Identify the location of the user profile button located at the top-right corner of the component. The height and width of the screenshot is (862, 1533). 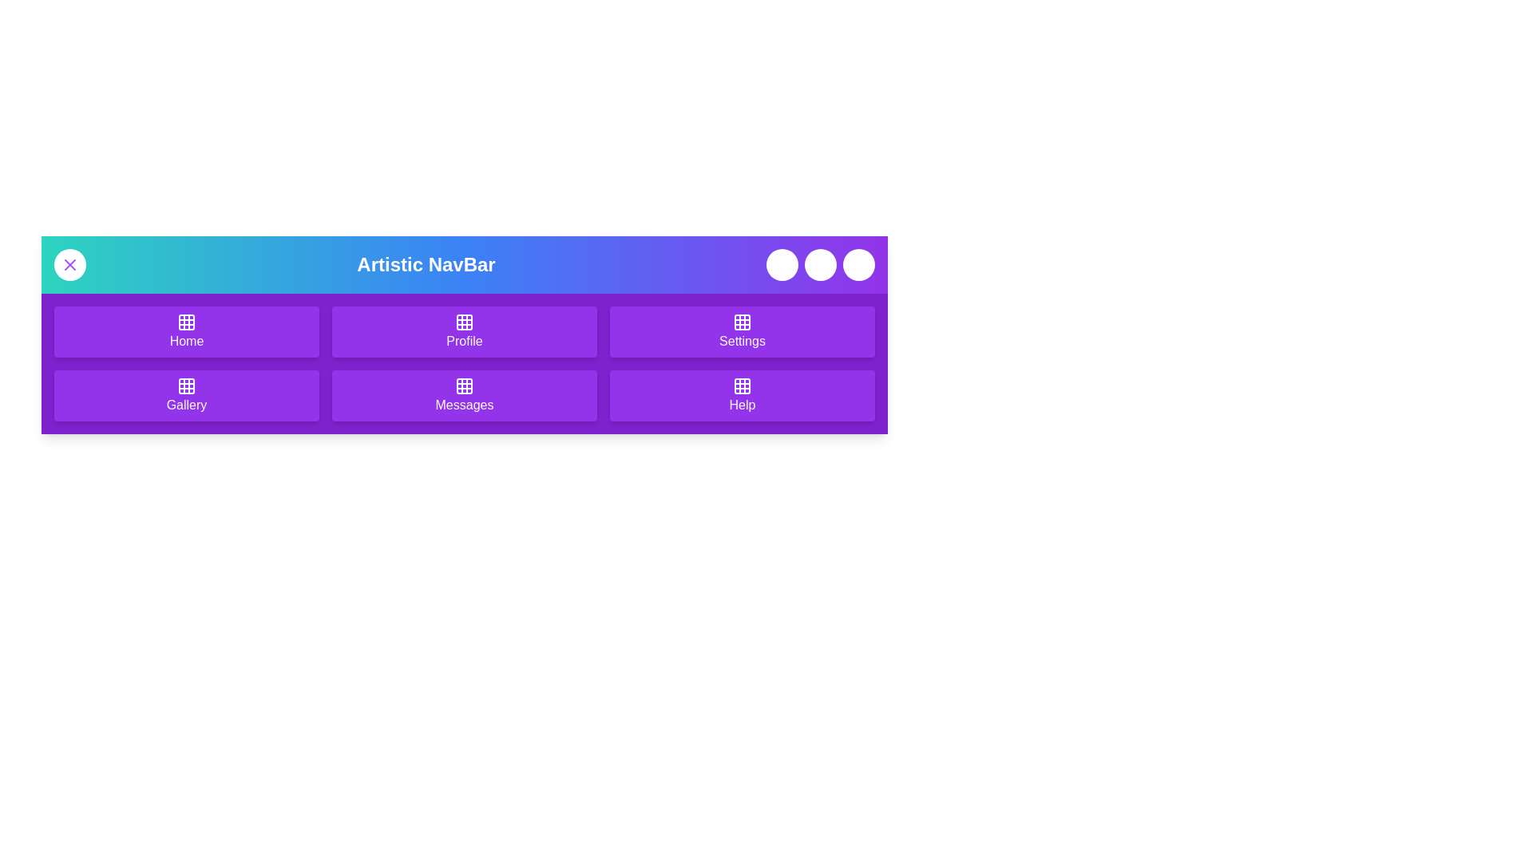
(858, 263).